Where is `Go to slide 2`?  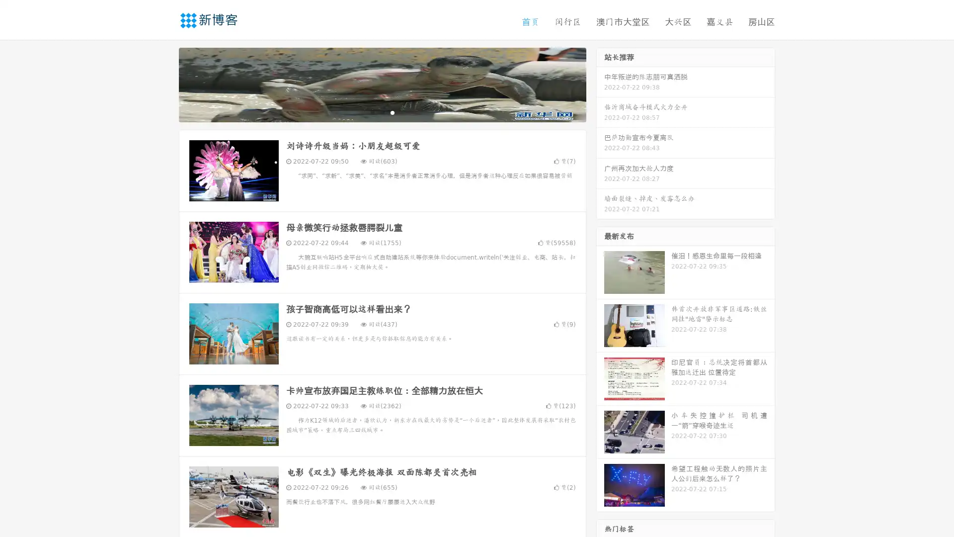
Go to slide 2 is located at coordinates (382, 112).